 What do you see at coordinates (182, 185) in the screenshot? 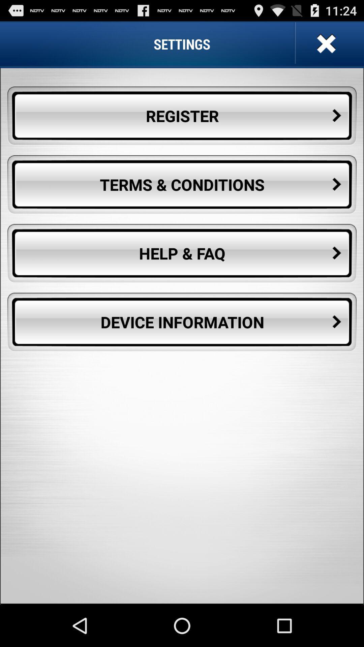
I see `button above help & faq` at bounding box center [182, 185].